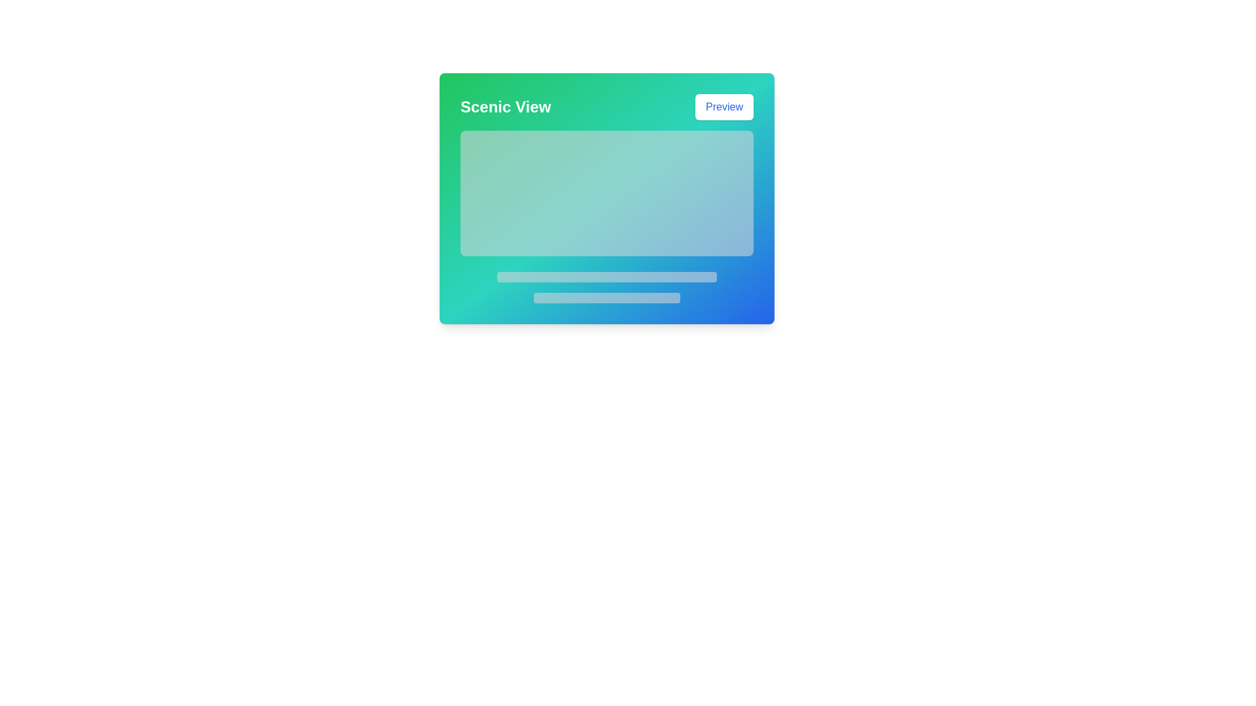 The width and height of the screenshot is (1256, 706). What do you see at coordinates (606, 297) in the screenshot?
I see `the decorative rectangular bar, which is a light gray loading placeholder located beneath a wider bar in the bottom-central part of the interface` at bounding box center [606, 297].